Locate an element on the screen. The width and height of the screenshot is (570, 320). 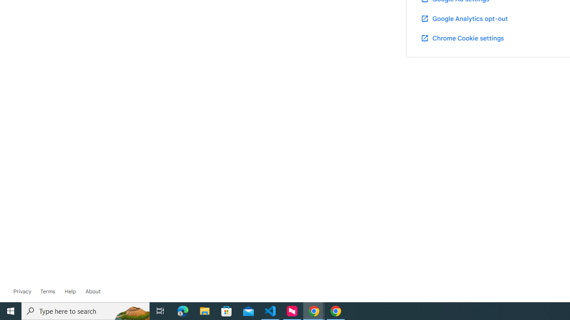
'Learn more about Google Account' is located at coordinates (93, 291).